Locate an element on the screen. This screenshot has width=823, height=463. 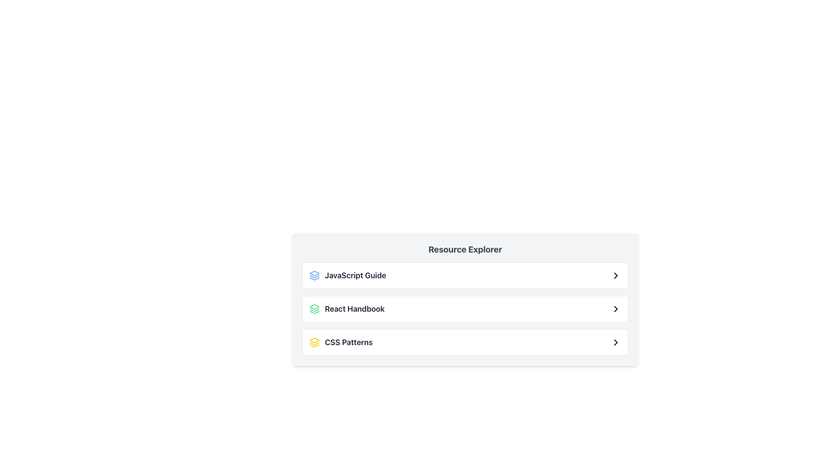
the prominent text label reading 'CSS Patterns' in the 'Resource Explorer' panel, which is the third item in the vertical stack and styled in bold, large-sized dark font is located at coordinates (348, 342).